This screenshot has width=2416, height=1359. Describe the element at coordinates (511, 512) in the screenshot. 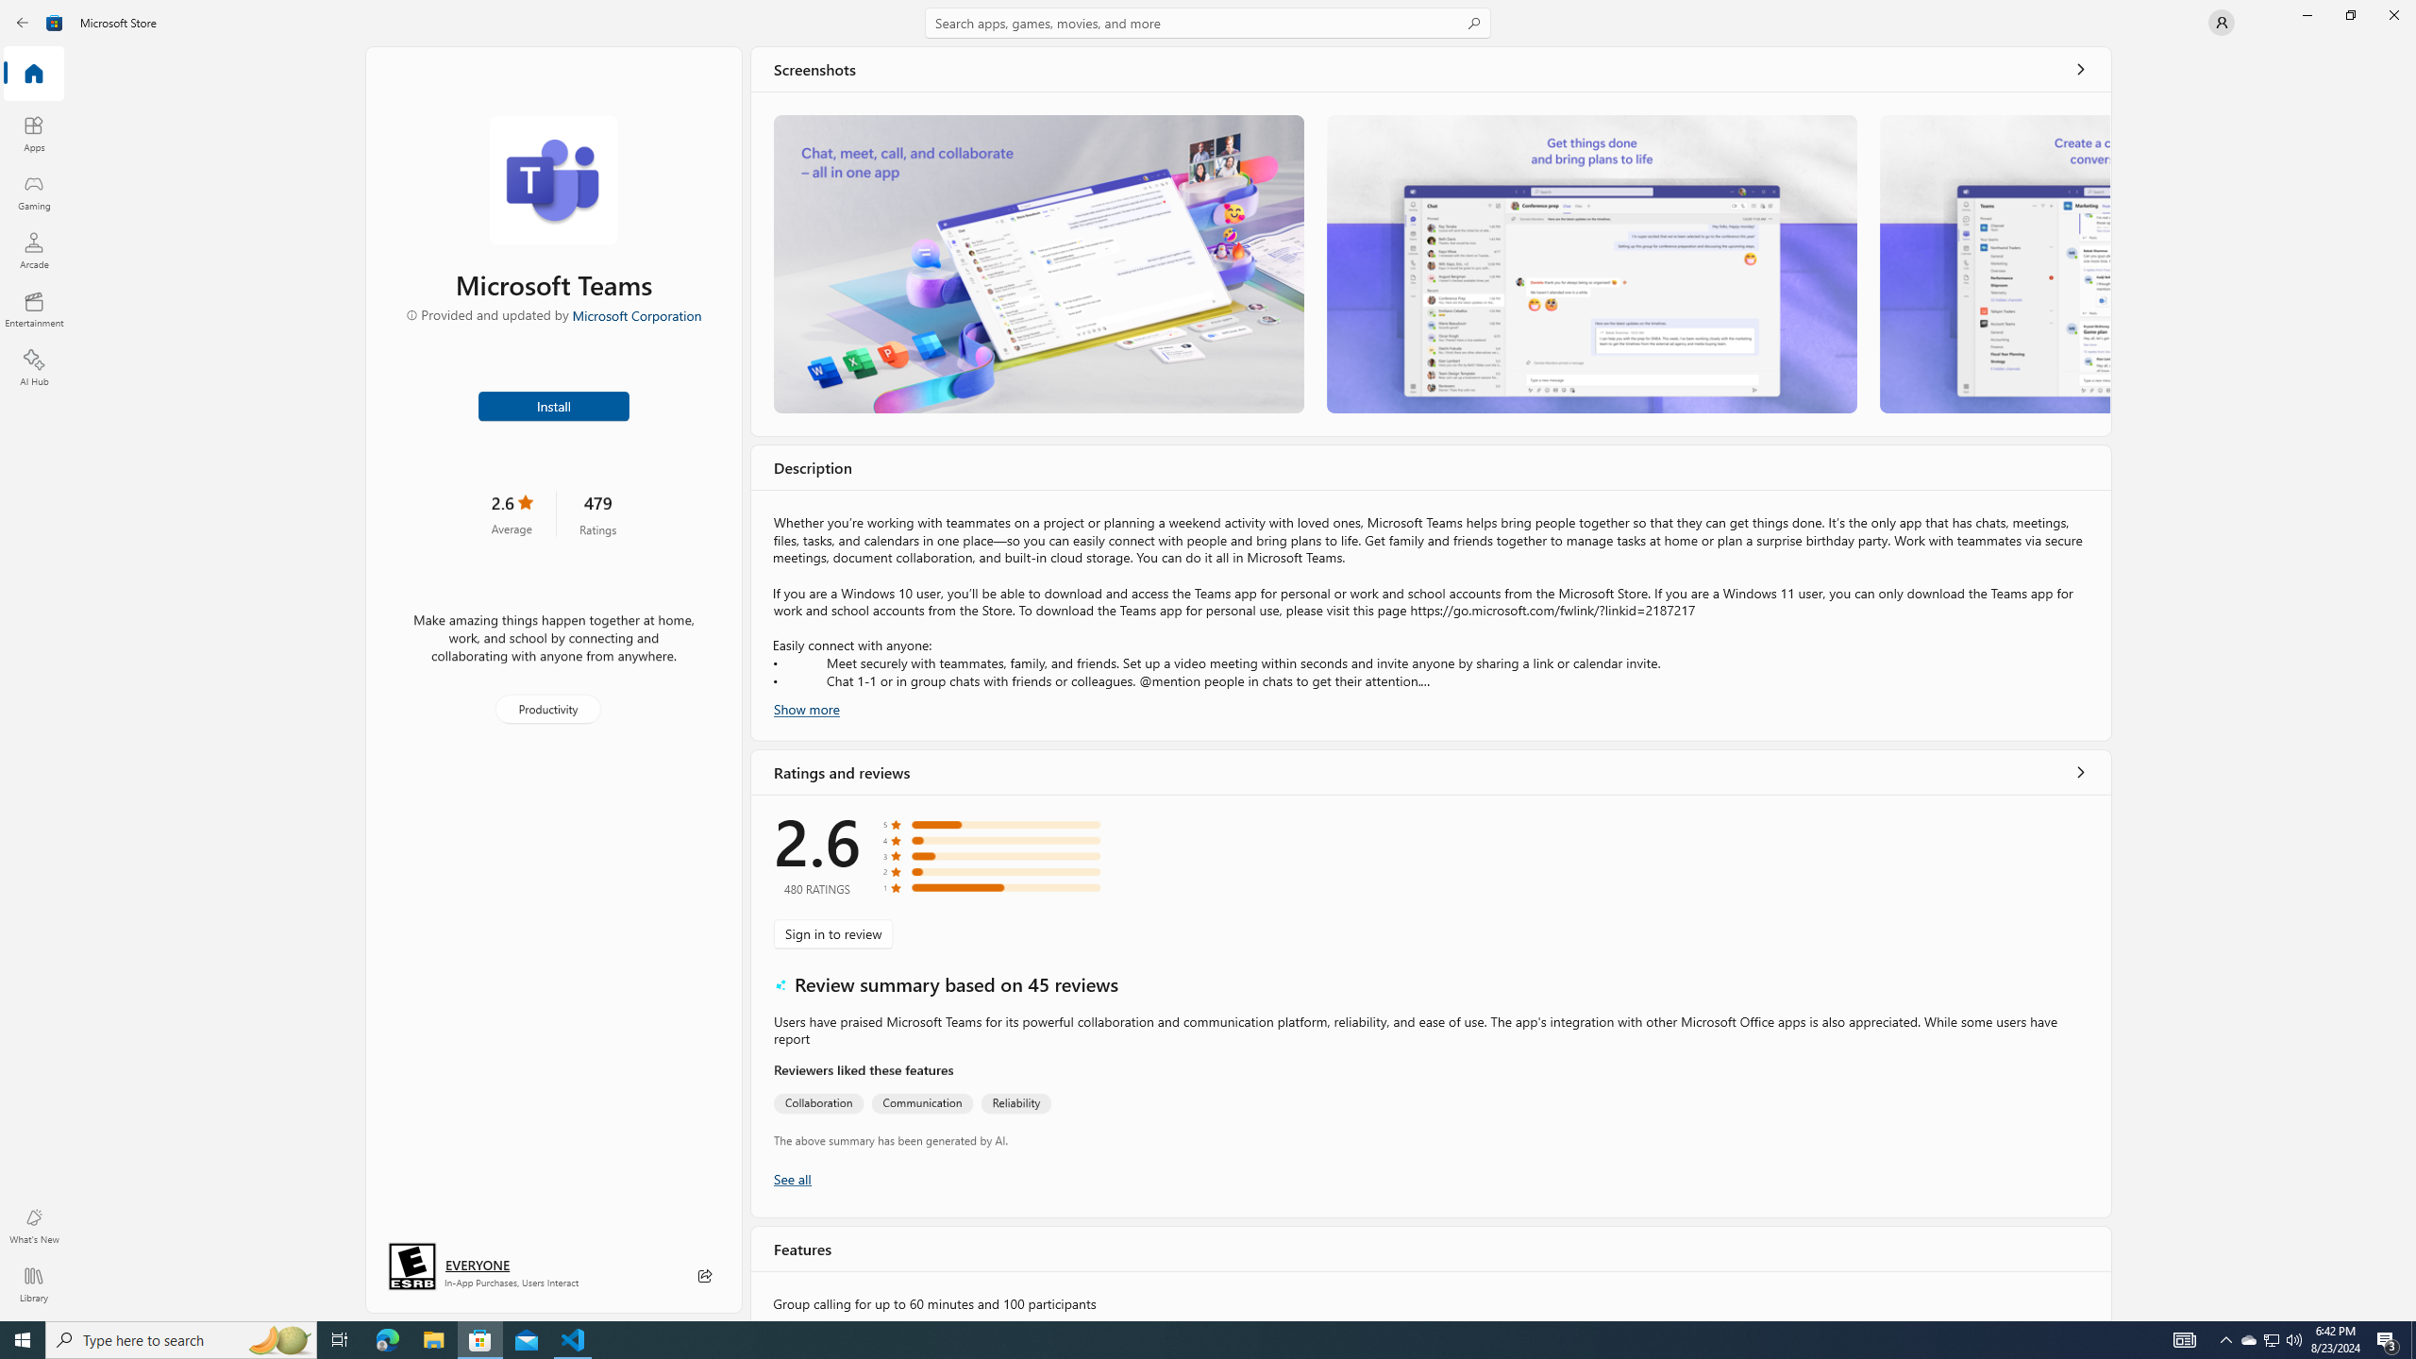

I see `'2.6 stars. Click to skip to ratings and reviews'` at that location.